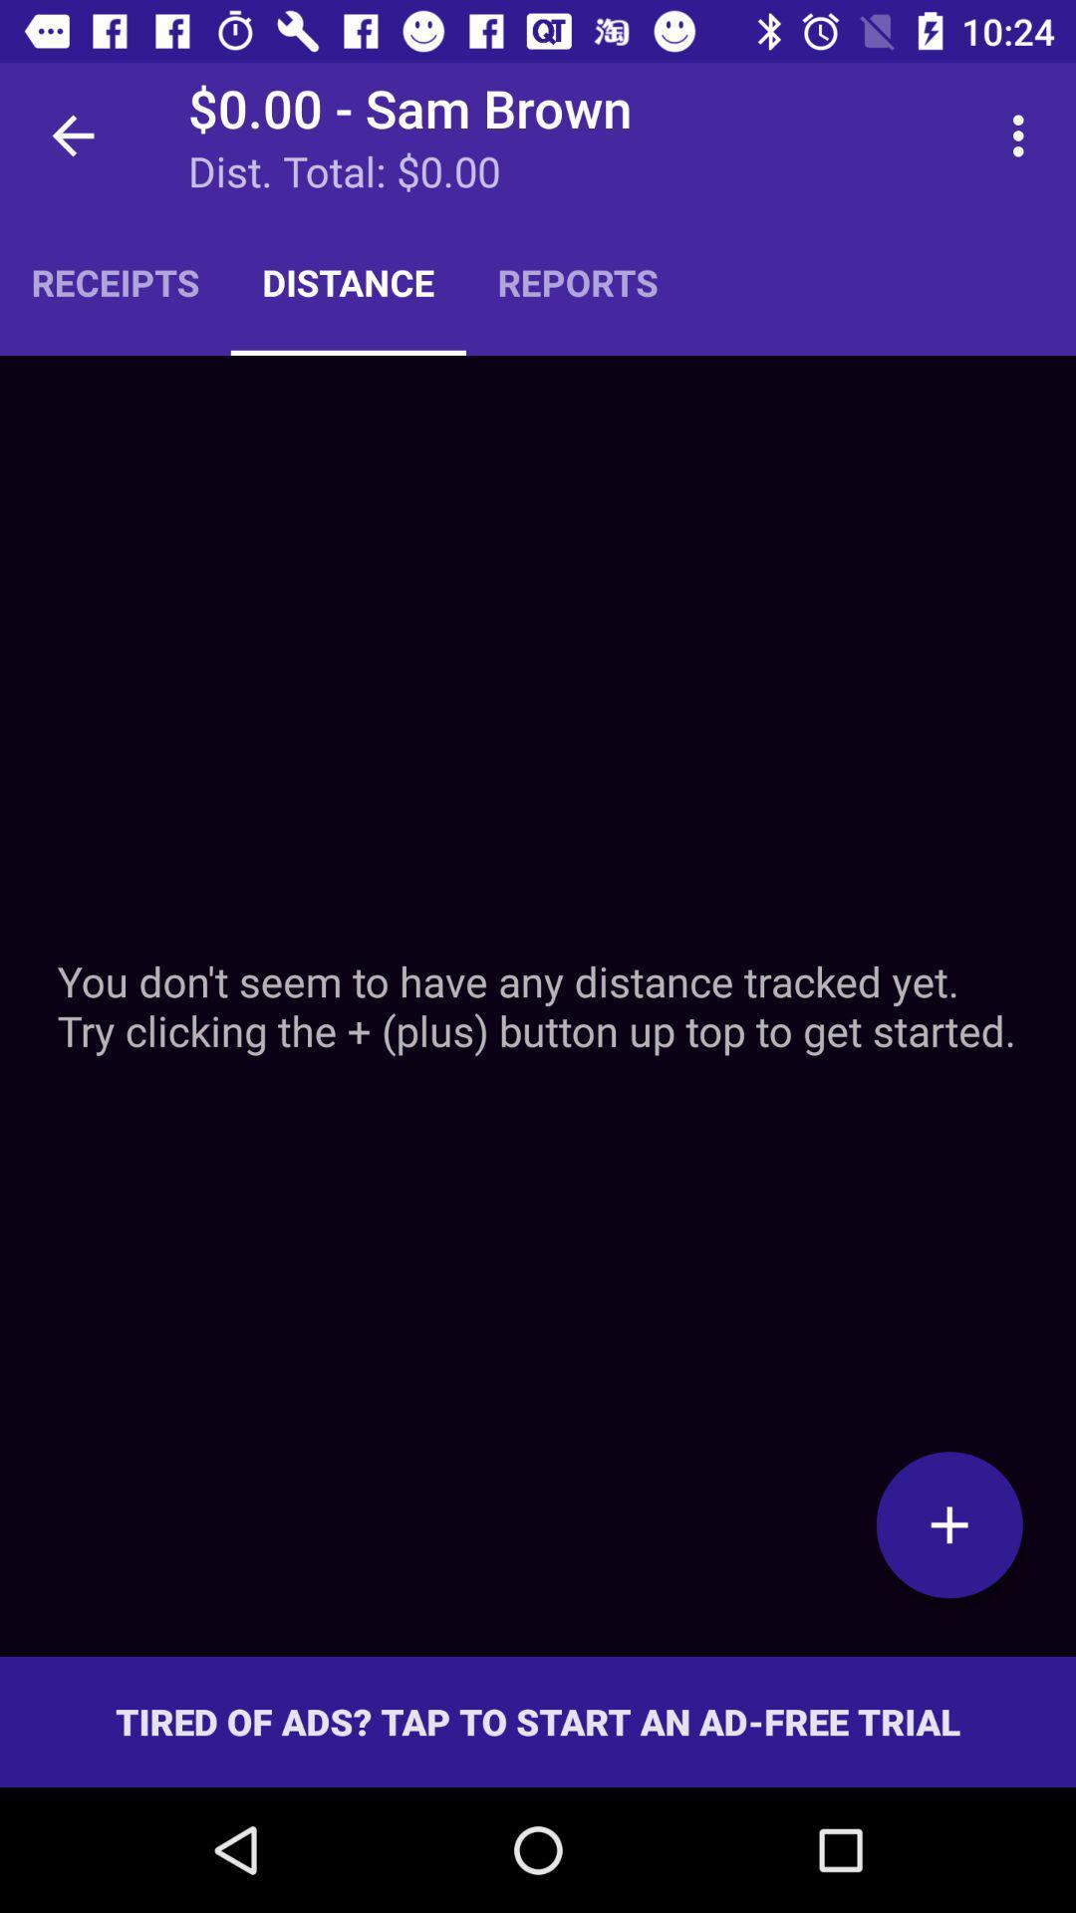 This screenshot has width=1076, height=1913. What do you see at coordinates (948, 1523) in the screenshot?
I see `a distance to track` at bounding box center [948, 1523].